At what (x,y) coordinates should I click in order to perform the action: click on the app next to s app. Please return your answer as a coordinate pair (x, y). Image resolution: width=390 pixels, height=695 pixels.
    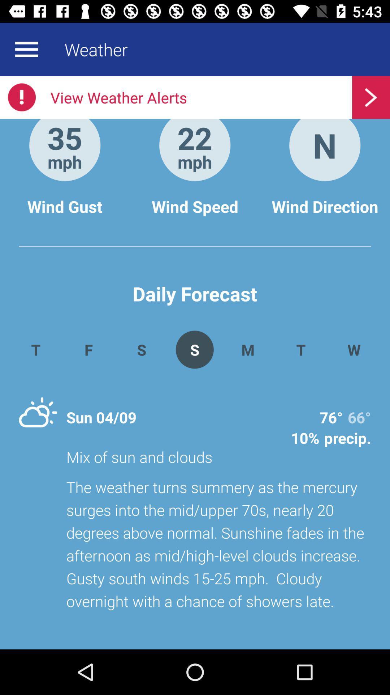
    Looking at the image, I should click on (88, 349).